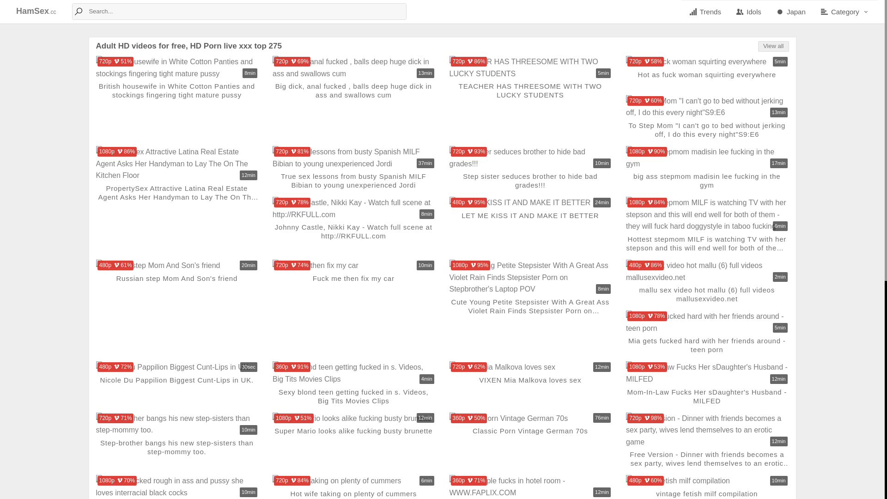 This screenshot has height=499, width=887. I want to click on 'VIXEN Mia Malkova loves sex', so click(530, 366).